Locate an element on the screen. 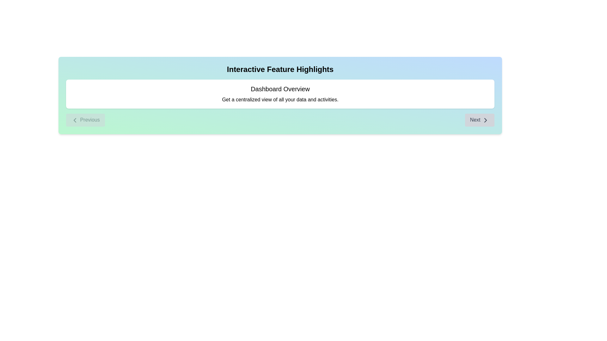  the Text Label that serves as a header or title, introducing the dashboard functionalities and insights is located at coordinates (280, 89).